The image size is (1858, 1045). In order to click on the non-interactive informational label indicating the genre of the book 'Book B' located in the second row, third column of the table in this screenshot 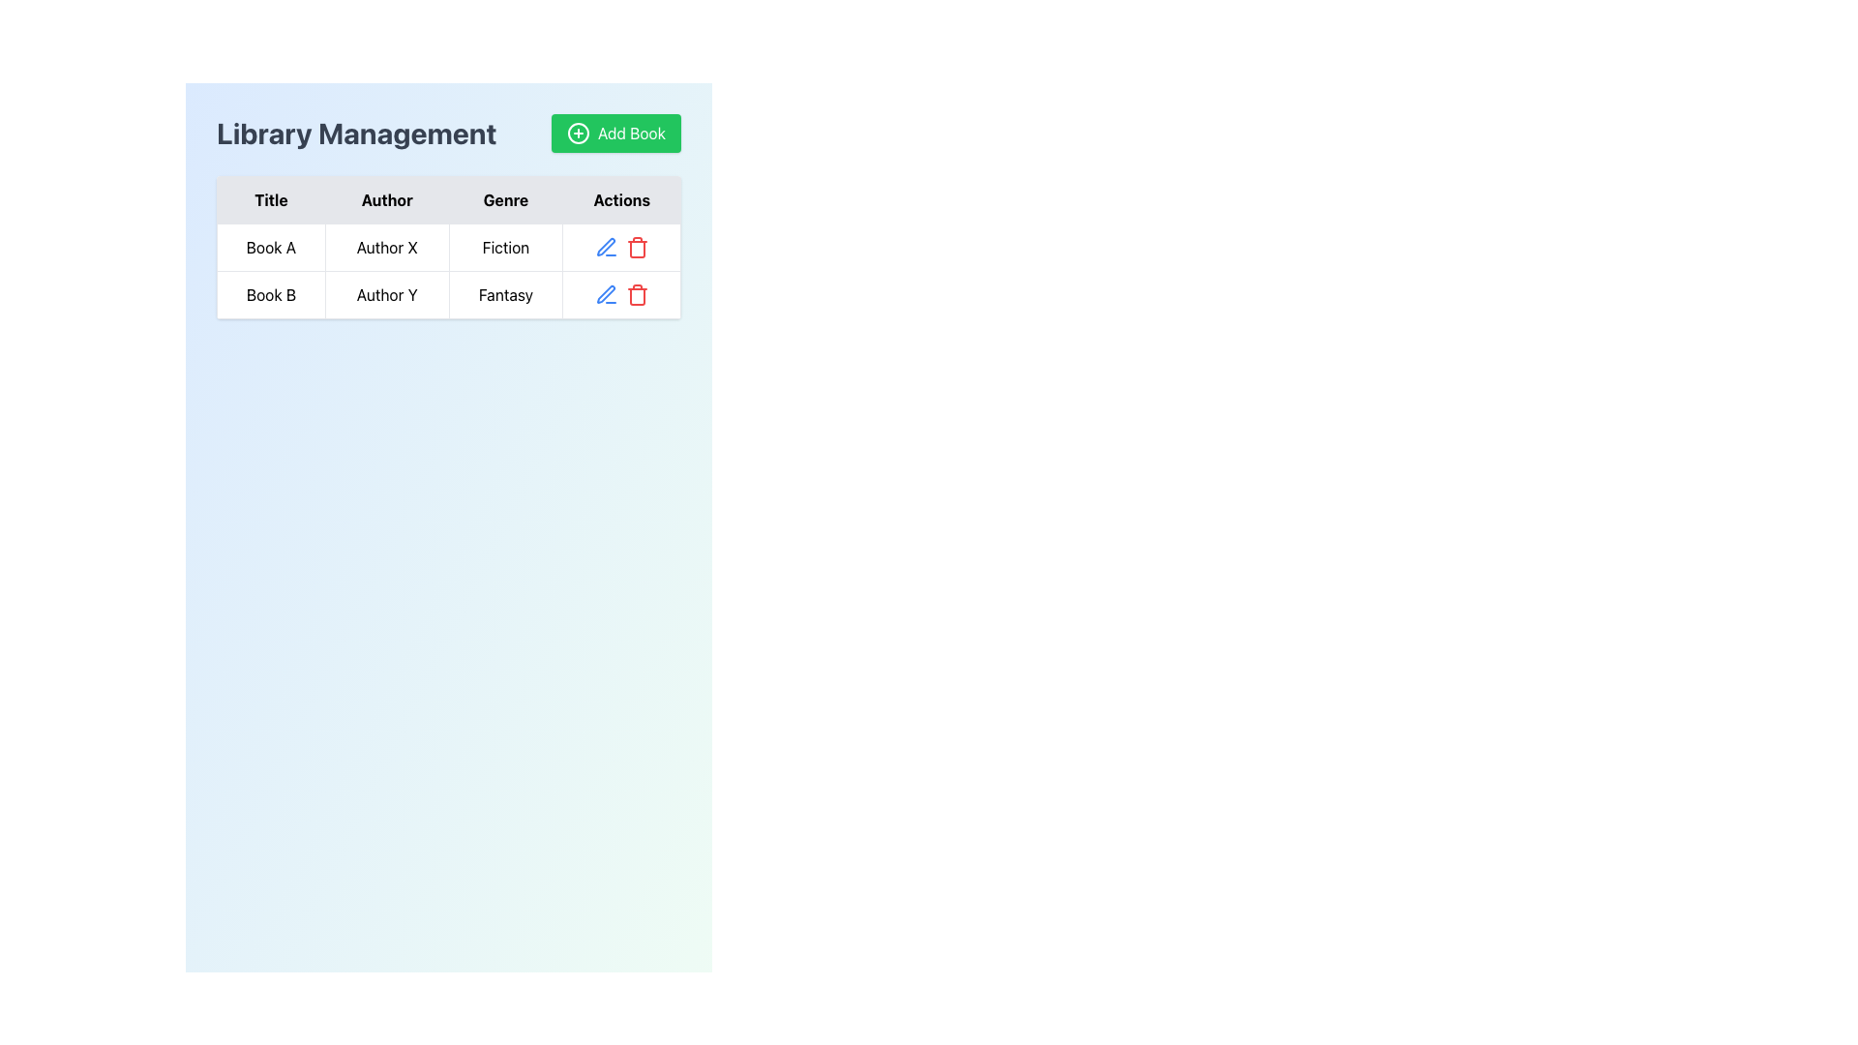, I will do `click(506, 294)`.